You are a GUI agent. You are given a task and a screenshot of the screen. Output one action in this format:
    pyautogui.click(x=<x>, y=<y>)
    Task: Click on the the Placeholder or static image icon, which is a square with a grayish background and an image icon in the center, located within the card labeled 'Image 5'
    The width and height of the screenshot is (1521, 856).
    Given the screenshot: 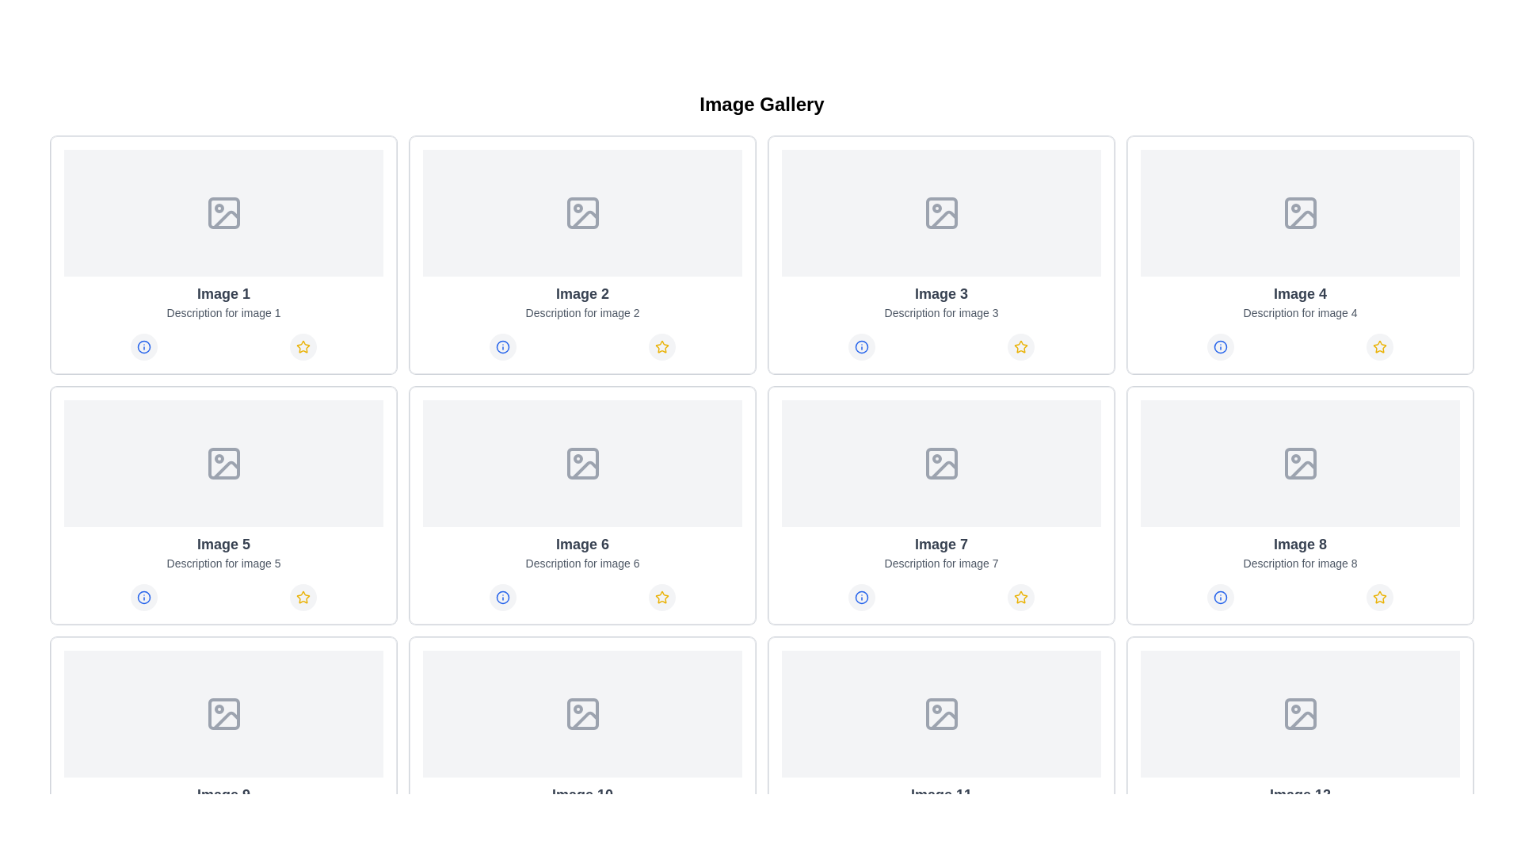 What is the action you would take?
    pyautogui.click(x=223, y=464)
    